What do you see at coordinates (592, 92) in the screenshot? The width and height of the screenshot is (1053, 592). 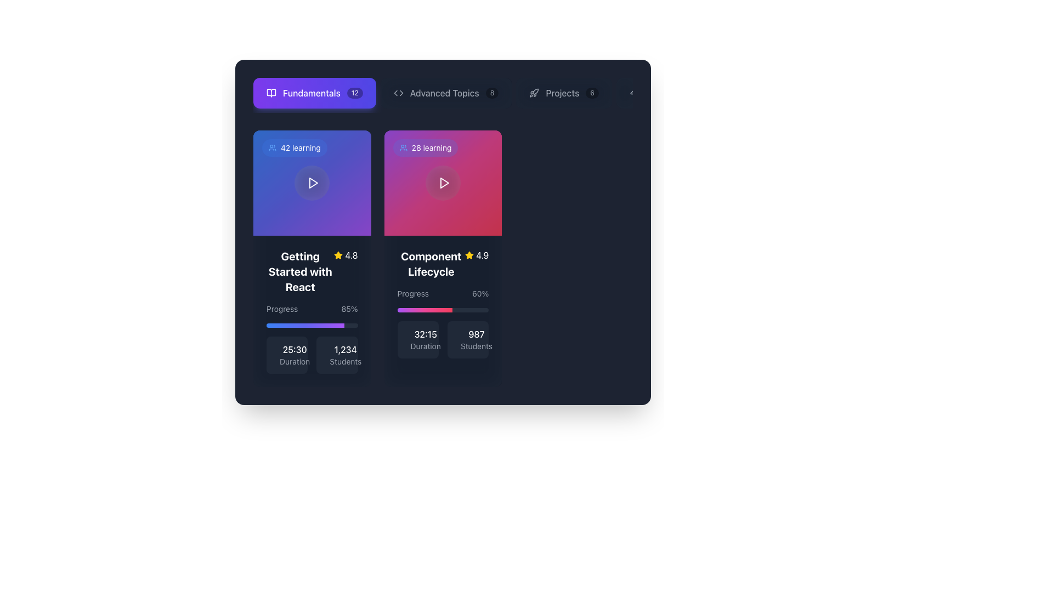 I see `the rounded badge with a dark translucent black background containing the text '6' in white color, located to the right of 'Projects' in the navigation bar` at bounding box center [592, 92].